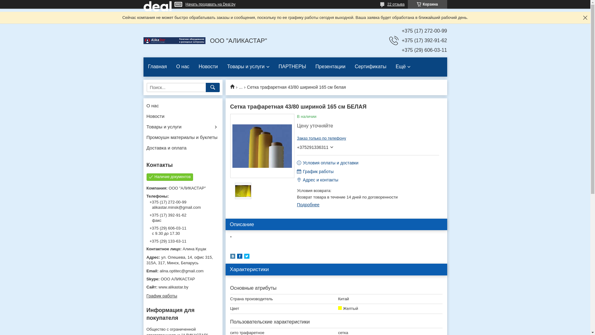  I want to click on 'facebook', so click(239, 257).